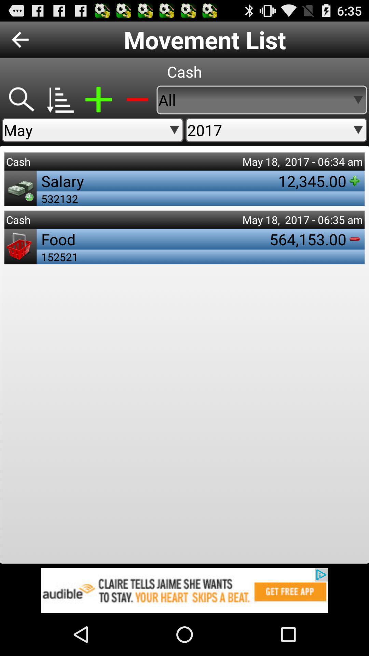 Image resolution: width=369 pixels, height=656 pixels. What do you see at coordinates (98, 99) in the screenshot?
I see `money to movement list` at bounding box center [98, 99].